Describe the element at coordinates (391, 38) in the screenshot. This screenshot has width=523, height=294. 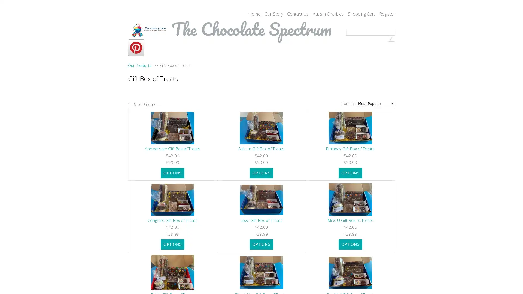
I see `Go!` at that location.